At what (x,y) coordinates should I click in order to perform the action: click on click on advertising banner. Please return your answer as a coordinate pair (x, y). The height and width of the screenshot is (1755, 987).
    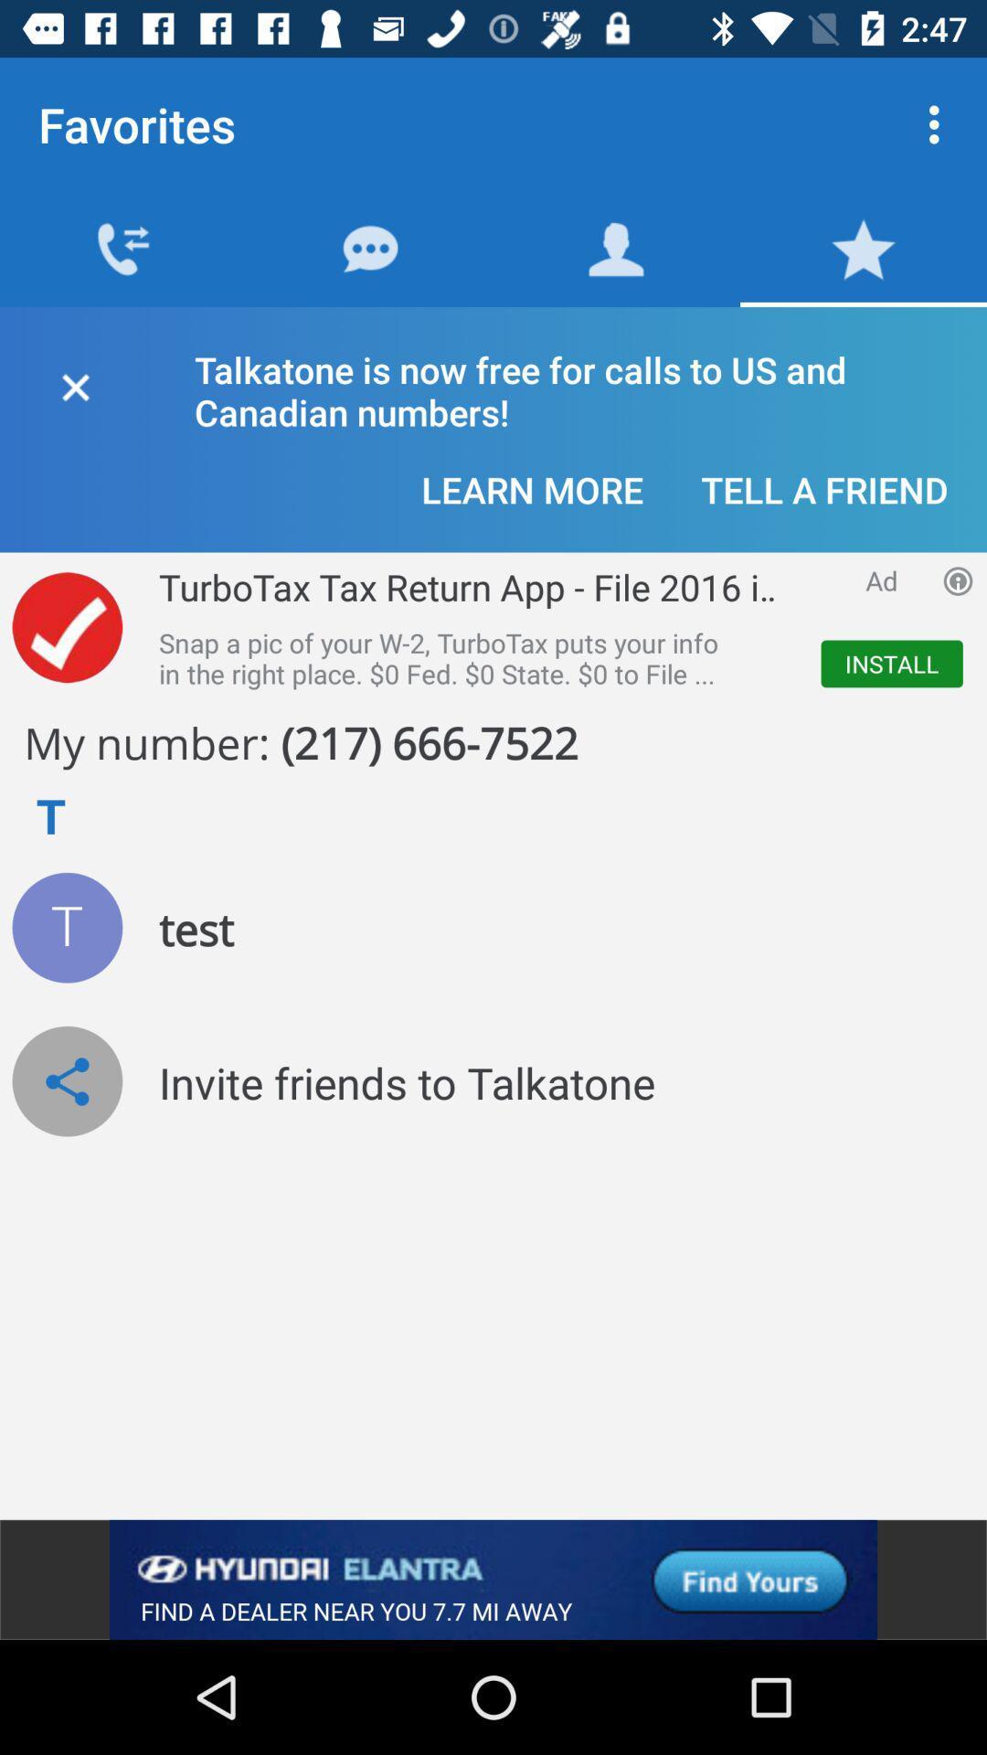
    Looking at the image, I should click on (493, 1579).